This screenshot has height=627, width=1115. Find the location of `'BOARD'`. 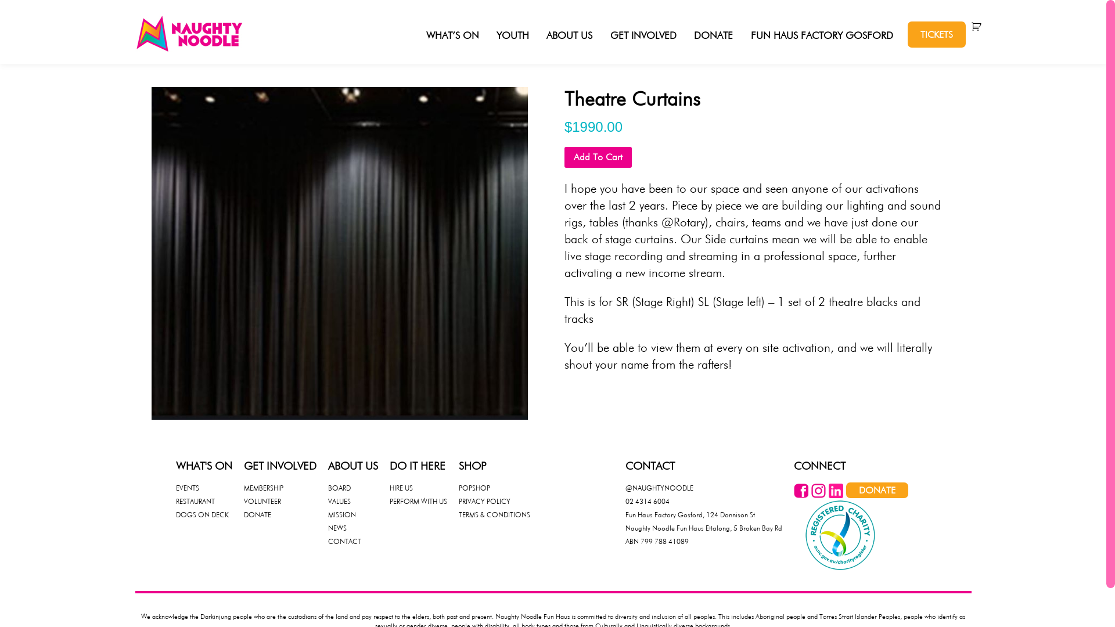

'BOARD' is located at coordinates (338, 488).